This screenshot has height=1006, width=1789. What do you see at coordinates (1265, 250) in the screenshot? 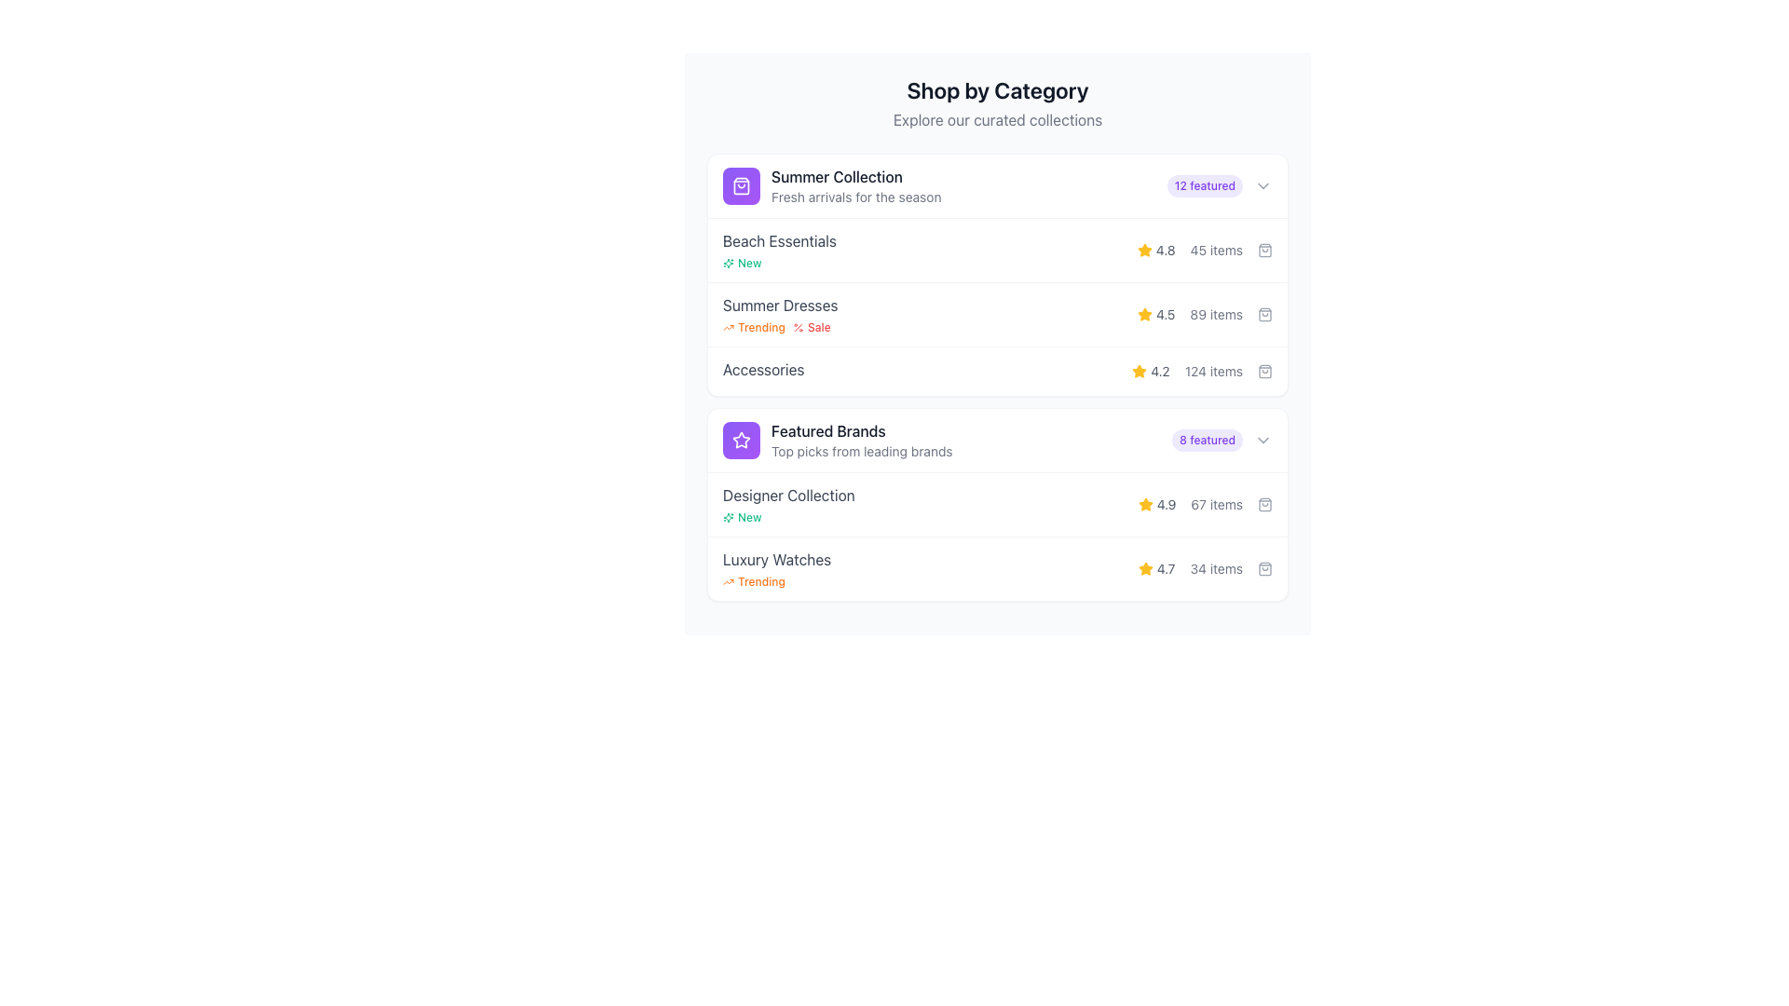
I see `the shopping bag icon, which is gray and transitions to violet when hovered over, located in the third column of the row labeled '4.8 45 items'` at bounding box center [1265, 250].